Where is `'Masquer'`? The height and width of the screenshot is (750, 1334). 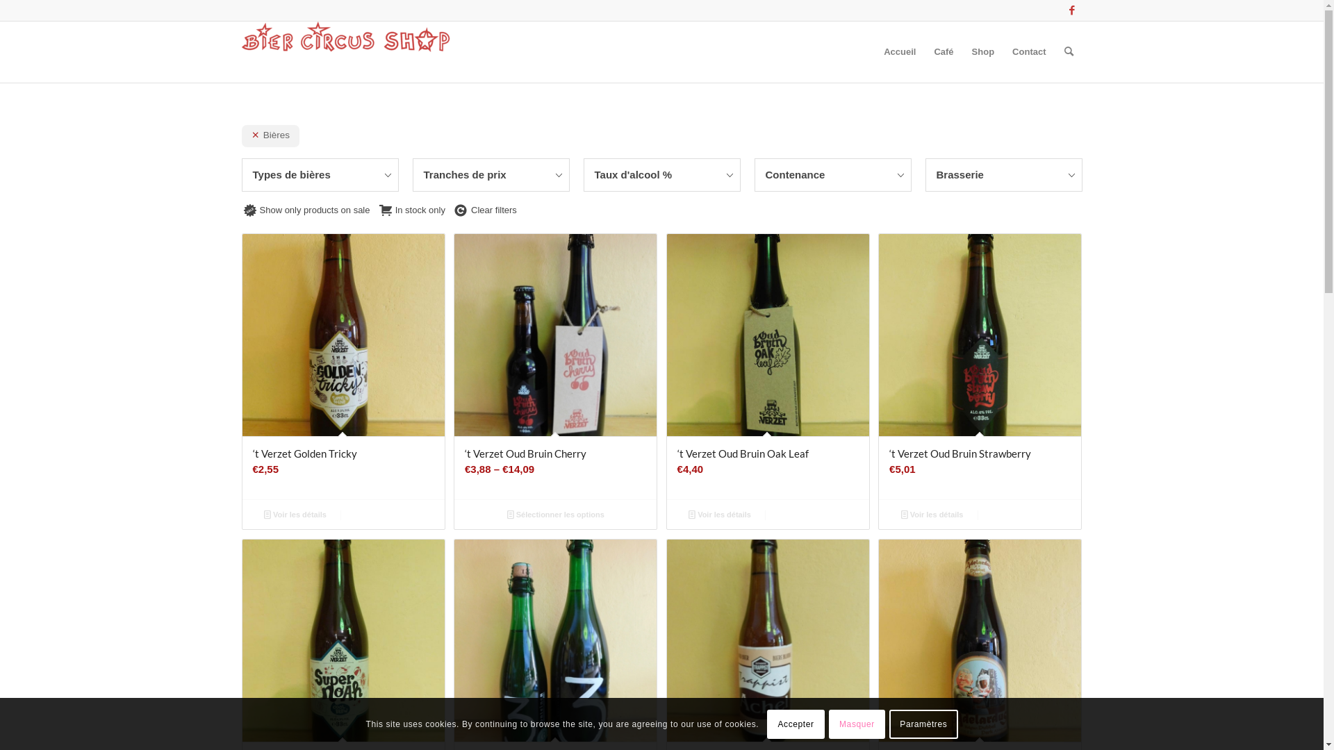
'Masquer' is located at coordinates (829, 722).